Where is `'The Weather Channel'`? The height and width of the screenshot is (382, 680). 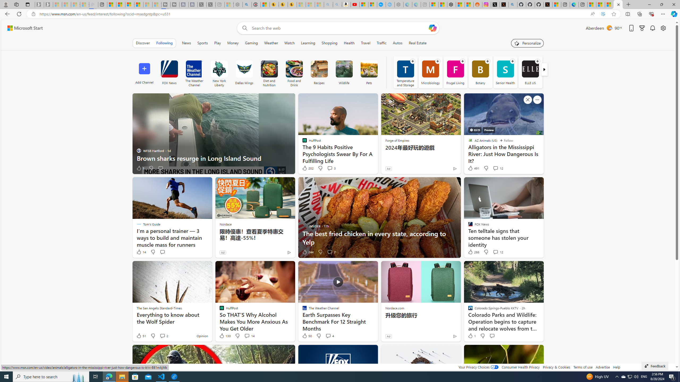
'The Weather Channel' is located at coordinates (194, 72).